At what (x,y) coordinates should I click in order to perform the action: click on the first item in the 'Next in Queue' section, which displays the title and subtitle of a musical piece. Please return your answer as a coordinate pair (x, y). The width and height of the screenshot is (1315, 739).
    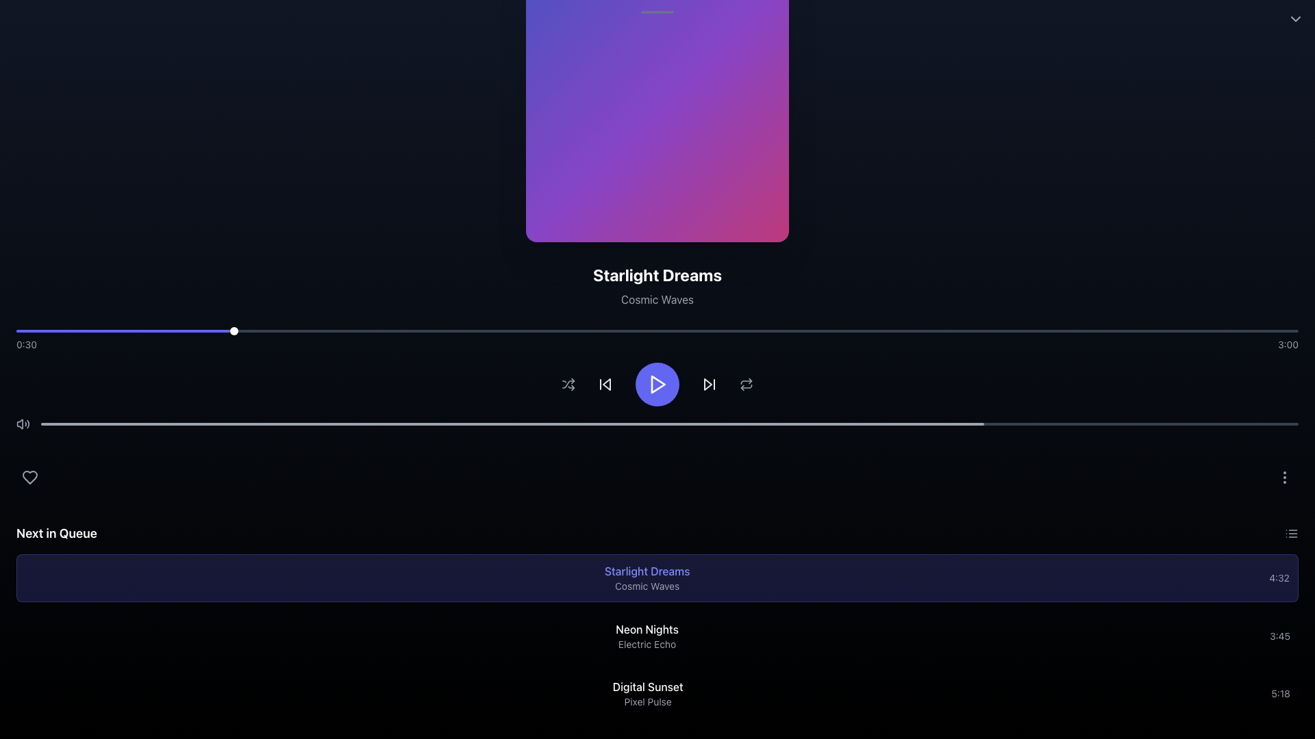
    Looking at the image, I should click on (647, 578).